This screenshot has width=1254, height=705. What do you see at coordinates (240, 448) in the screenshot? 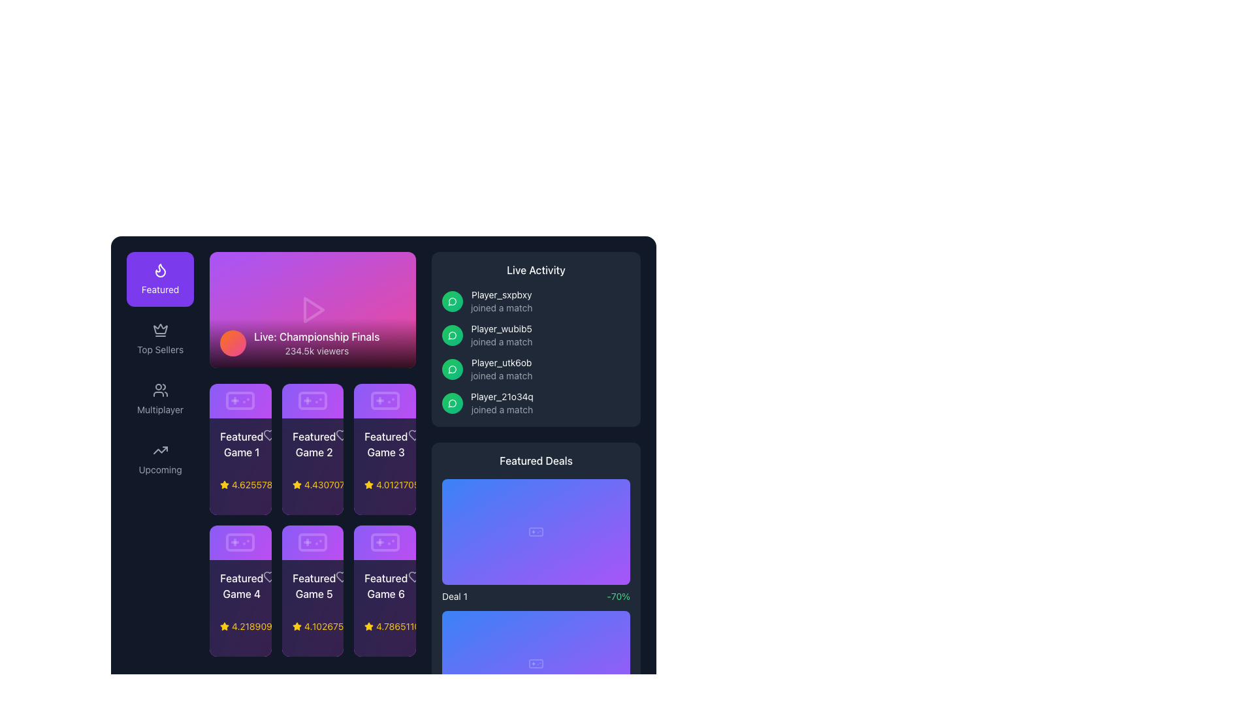
I see `the first card in the grid, which has a purple gradient background and displays 'Featured Game 1'` at bounding box center [240, 448].